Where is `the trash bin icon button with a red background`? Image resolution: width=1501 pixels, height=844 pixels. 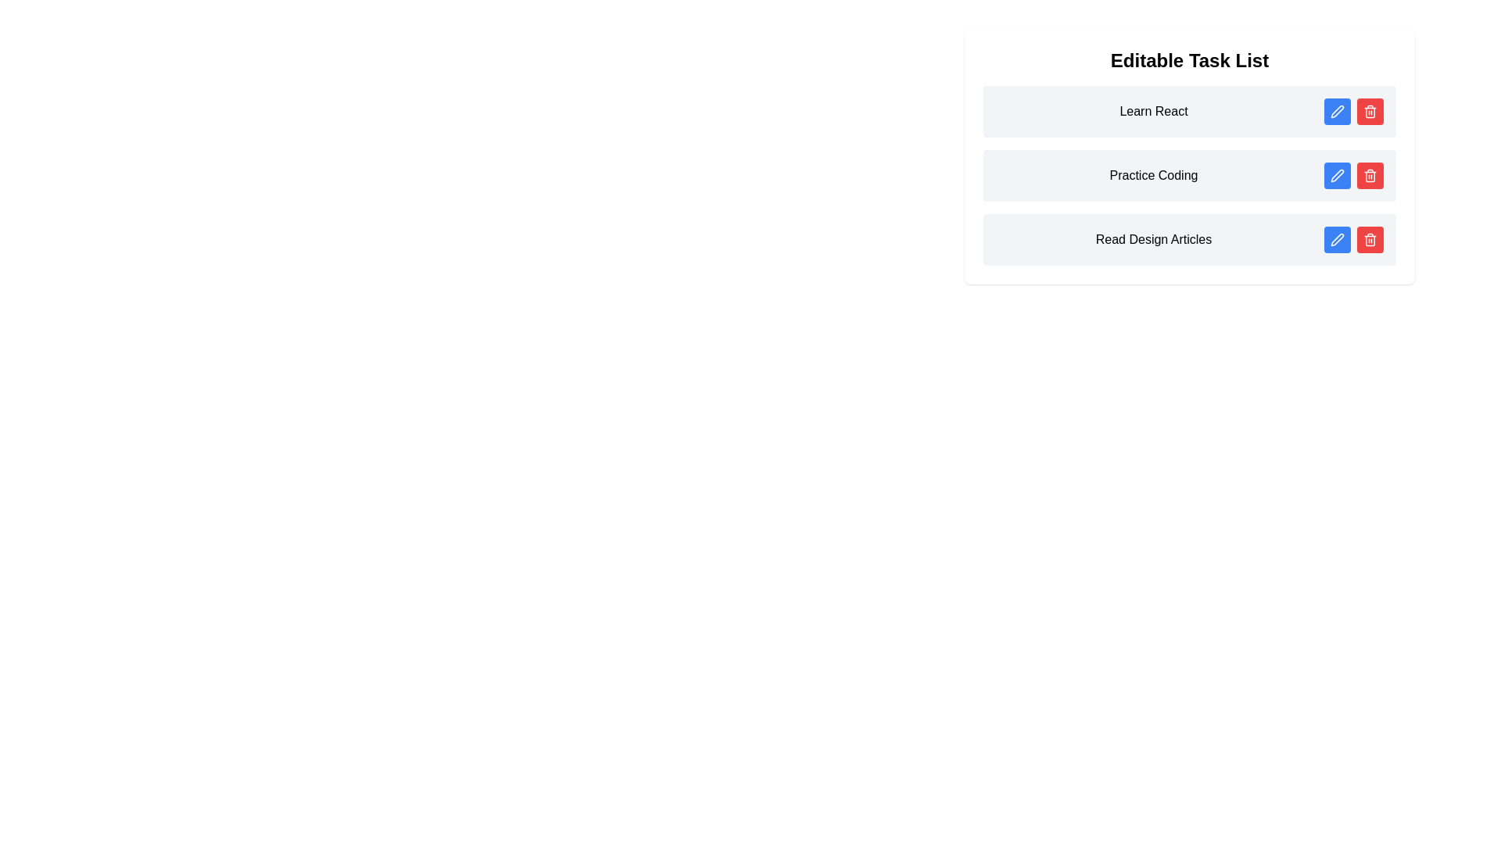
the trash bin icon button with a red background is located at coordinates (1369, 175).